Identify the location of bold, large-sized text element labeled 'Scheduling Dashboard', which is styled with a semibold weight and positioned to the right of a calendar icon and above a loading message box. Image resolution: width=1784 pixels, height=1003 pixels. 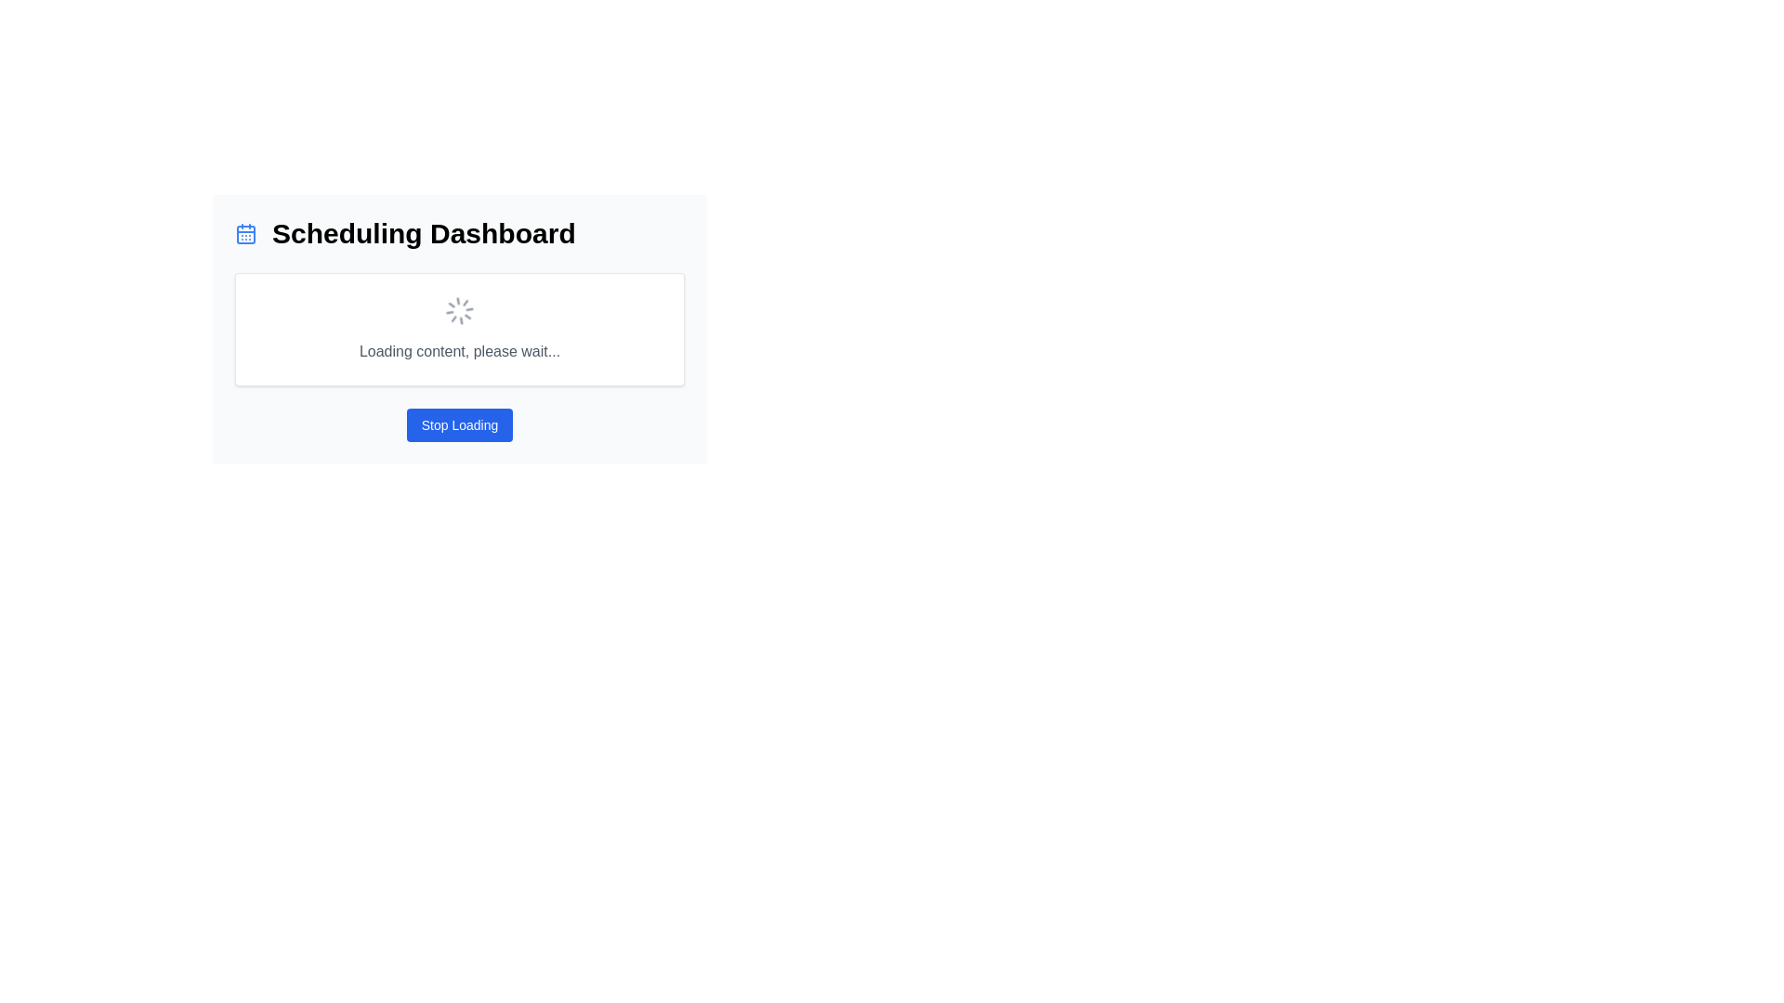
(423, 232).